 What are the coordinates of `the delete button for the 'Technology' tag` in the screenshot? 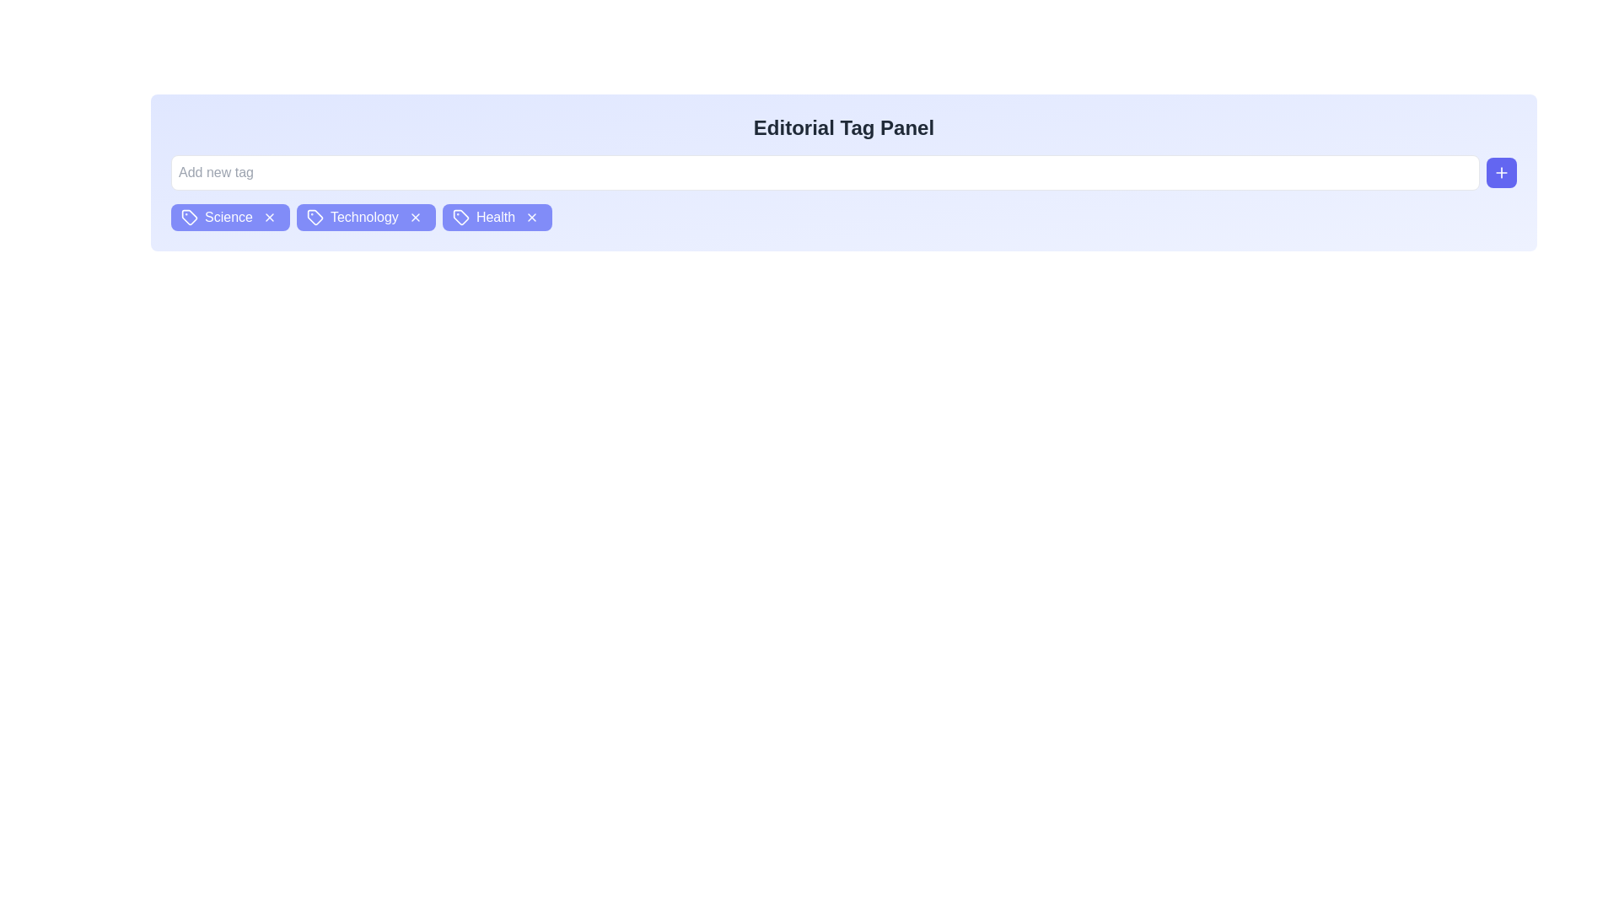 It's located at (415, 217).